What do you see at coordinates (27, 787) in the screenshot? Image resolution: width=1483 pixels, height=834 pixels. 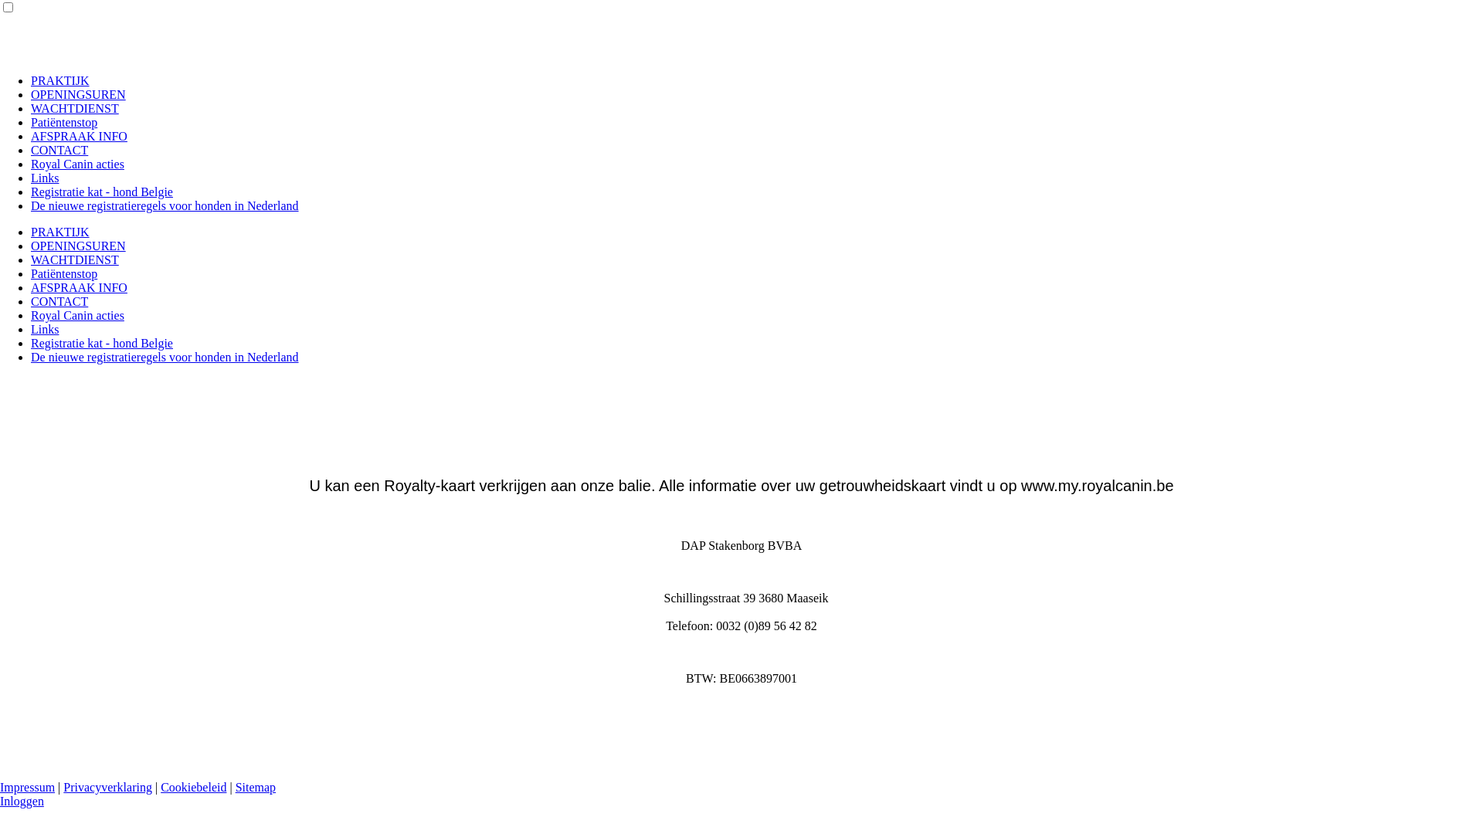 I see `'Impressum'` at bounding box center [27, 787].